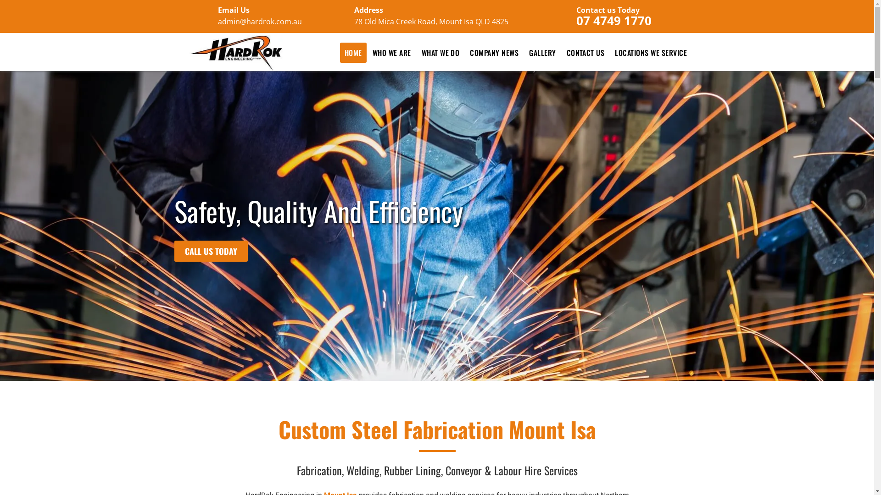 This screenshot has width=881, height=495. I want to click on 'COMPANY NEWS', so click(493, 53).